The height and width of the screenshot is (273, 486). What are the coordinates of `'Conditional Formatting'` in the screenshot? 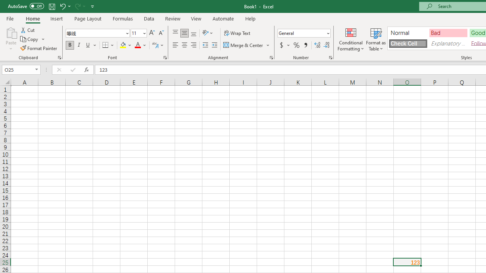 It's located at (350, 39).